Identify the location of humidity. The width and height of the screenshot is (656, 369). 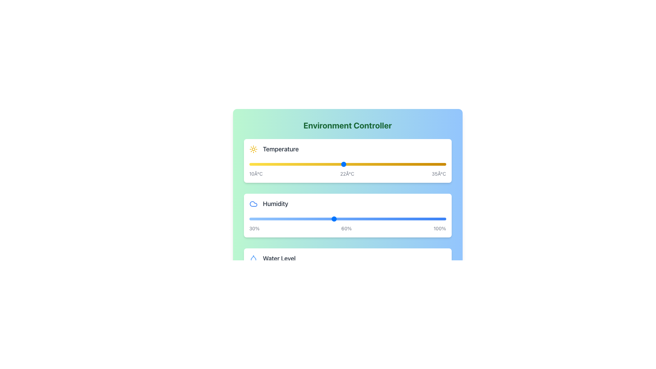
(251, 219).